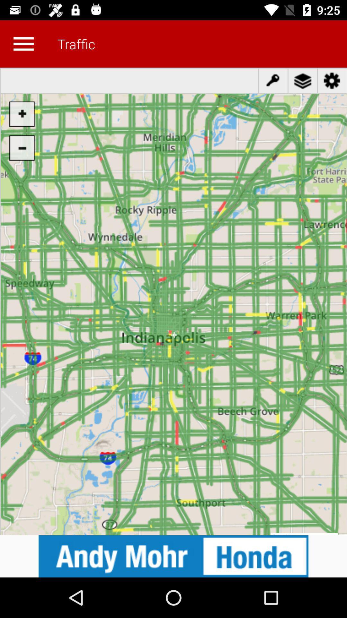 The height and width of the screenshot is (618, 347). I want to click on the item to the left of traffic, so click(23, 43).